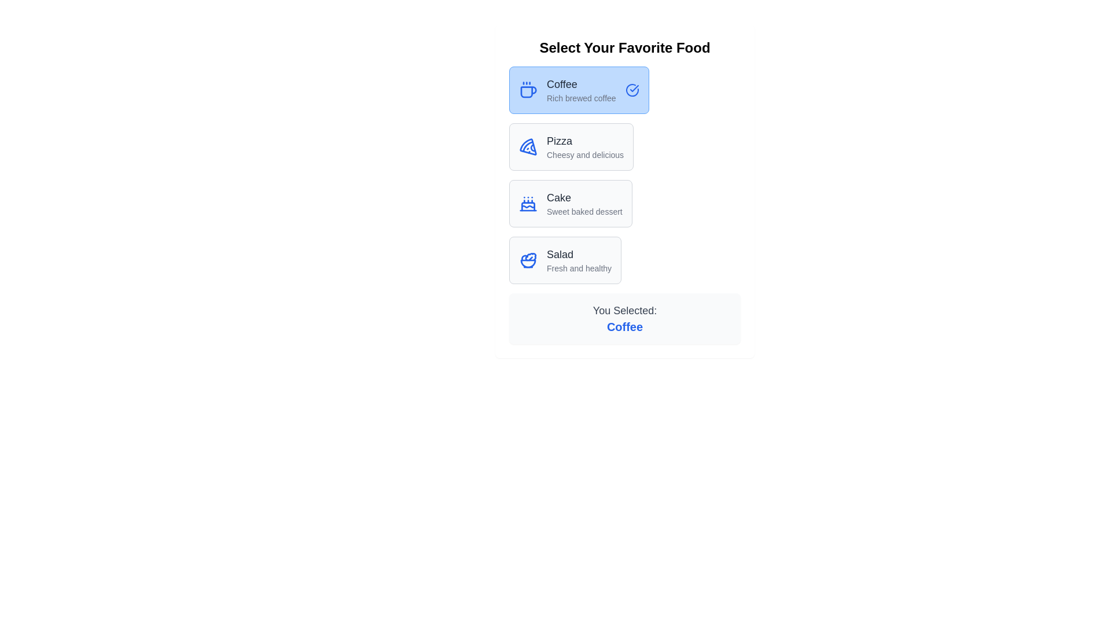 This screenshot has width=1111, height=625. Describe the element at coordinates (585, 146) in the screenshot. I see `the Text Label displaying 'Pizza' which is the second option in the list, located below 'Coffee' and above 'Cake' and 'Salad'` at that location.